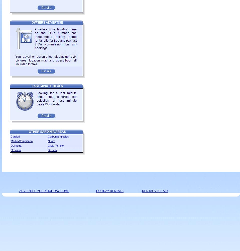  Describe the element at coordinates (16, 150) in the screenshot. I see `'Oristano'` at that location.